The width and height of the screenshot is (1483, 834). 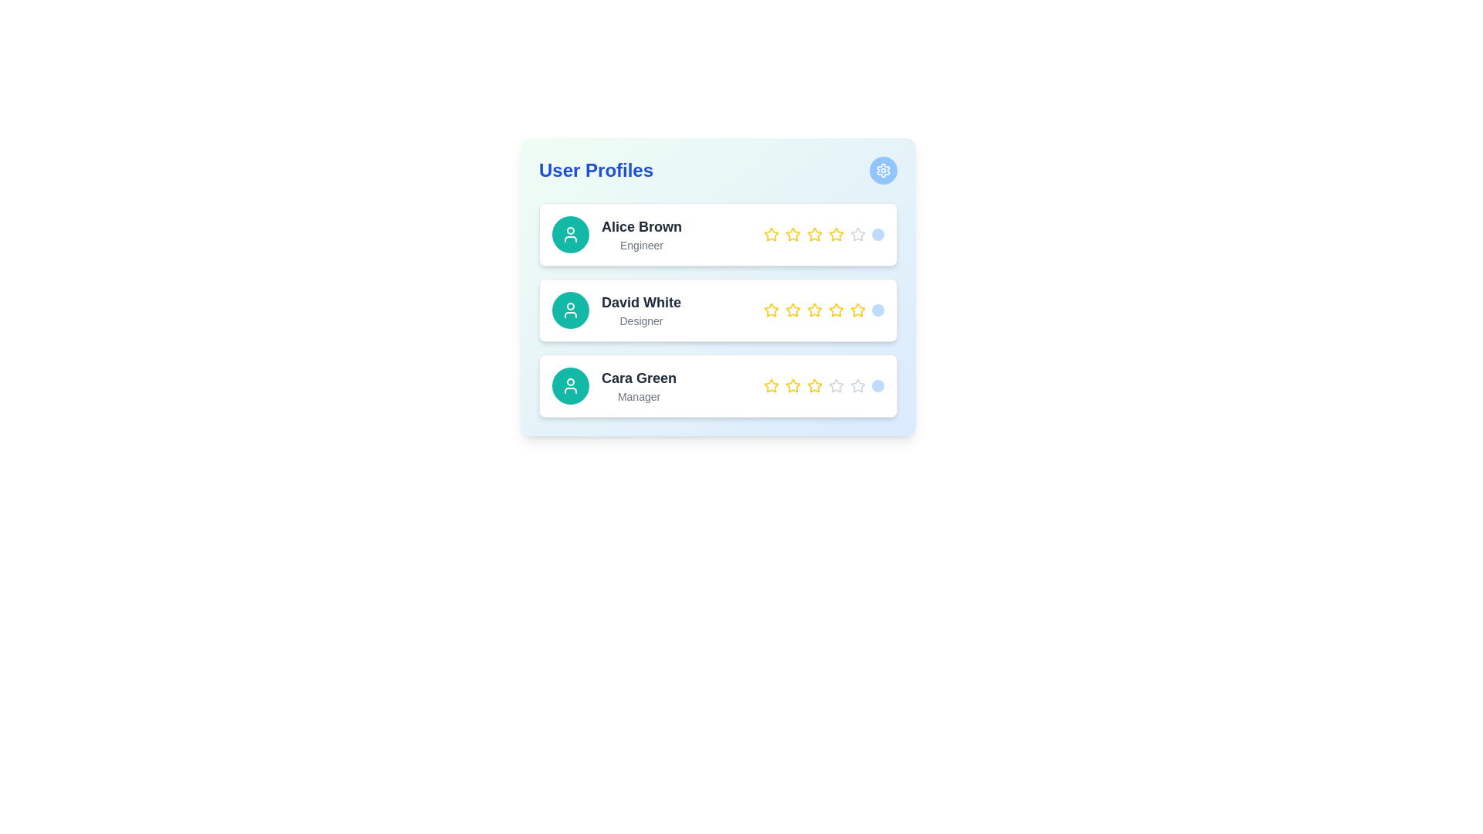 What do you see at coordinates (823, 235) in the screenshot?
I see `the filled star in the rating bar next to 'Alice Brown' in the 'User Profiles' list to give a rating, if interactivity is enabled` at bounding box center [823, 235].